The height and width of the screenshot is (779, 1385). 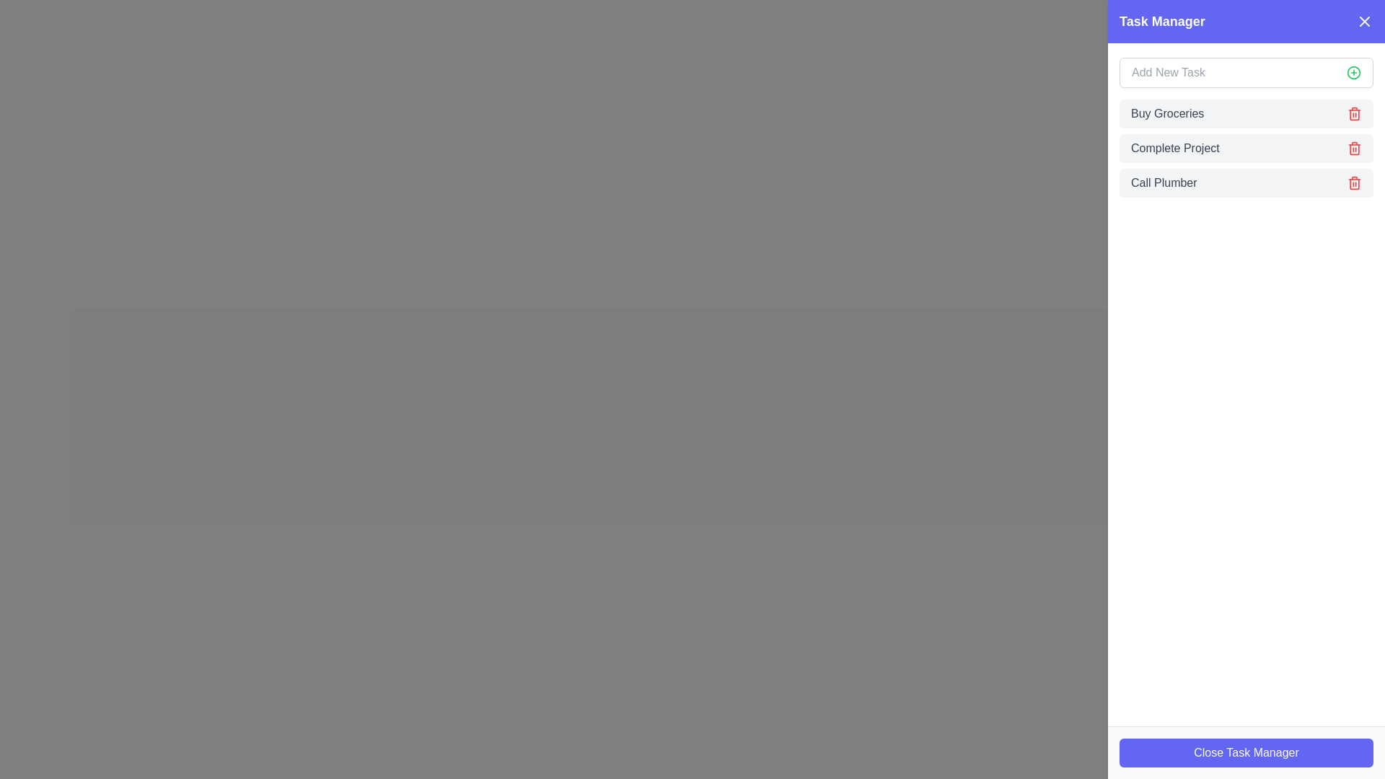 I want to click on the interactive icon button that allows users to delete the 'Complete Project' task from the list for keyboard accessibility, so click(x=1353, y=148).